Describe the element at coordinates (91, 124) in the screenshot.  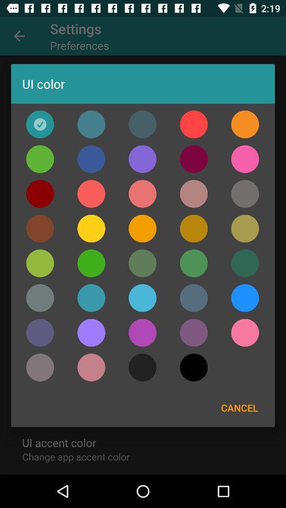
I see `colour option` at that location.